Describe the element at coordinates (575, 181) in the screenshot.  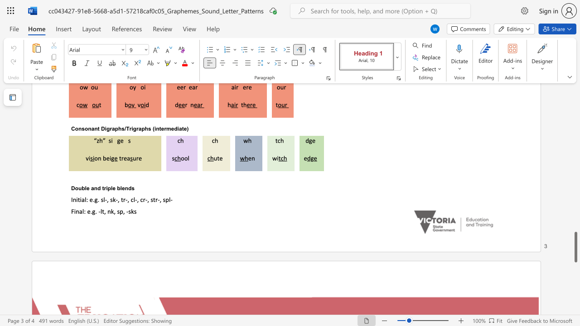
I see `the scrollbar to slide the page up` at that location.